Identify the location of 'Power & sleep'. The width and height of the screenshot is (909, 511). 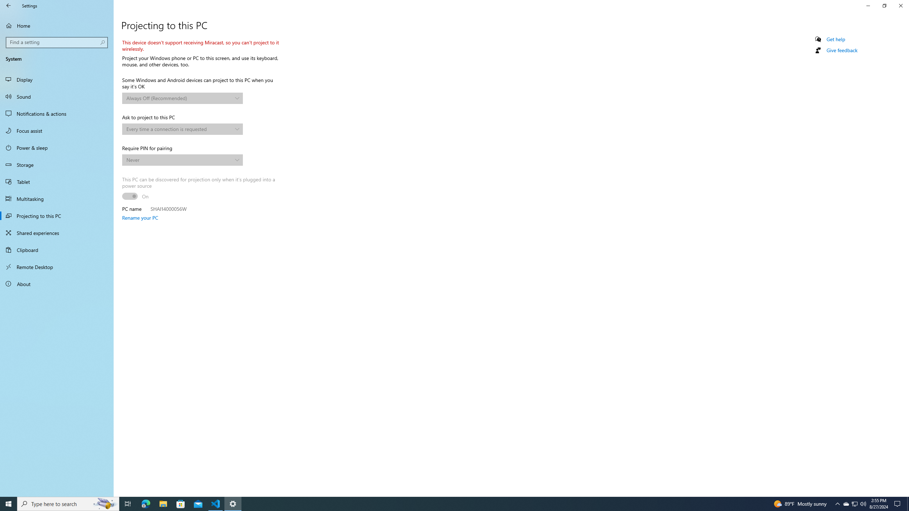
(56, 147).